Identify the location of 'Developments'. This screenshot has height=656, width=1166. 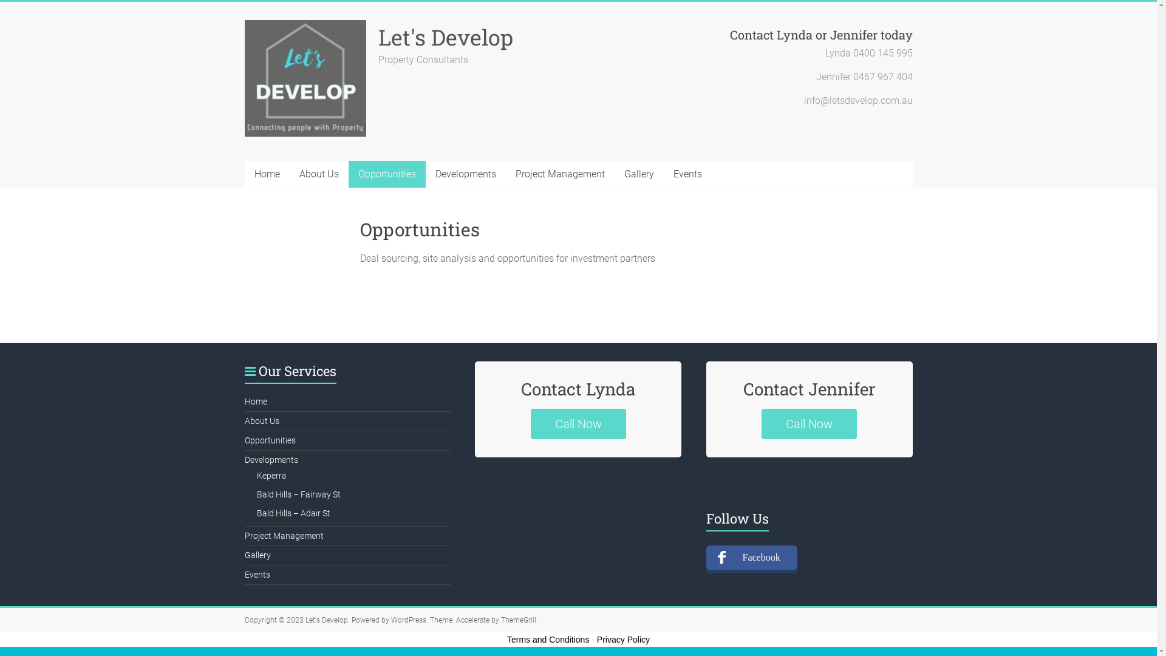
(270, 459).